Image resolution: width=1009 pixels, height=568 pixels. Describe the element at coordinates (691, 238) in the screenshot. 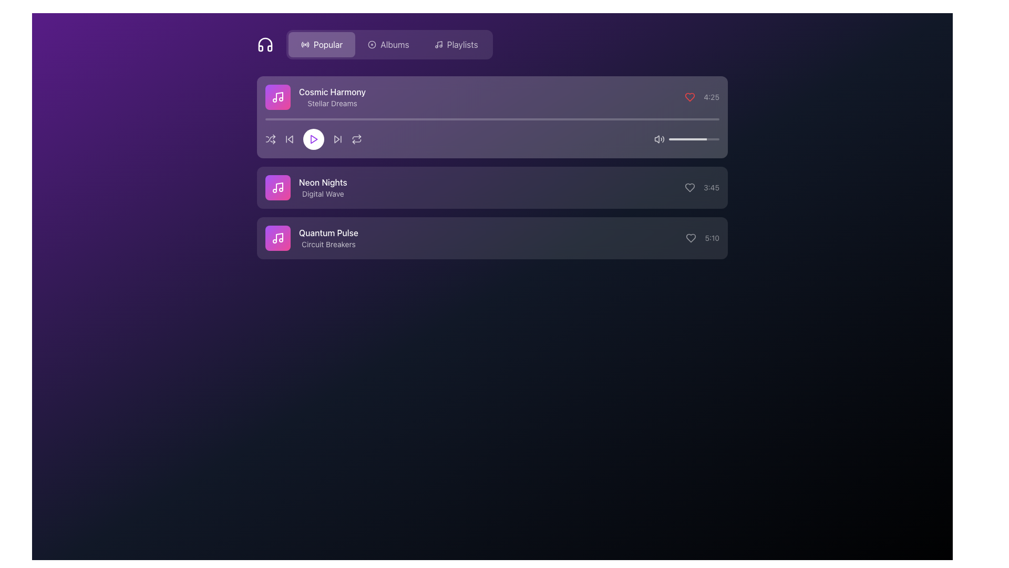

I see `the heart icon button on the far right side of the third row` at that location.